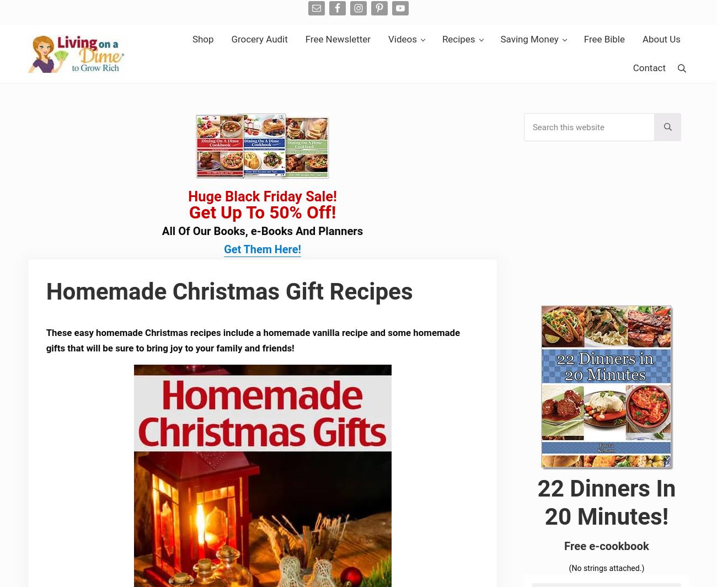  What do you see at coordinates (261, 231) in the screenshot?
I see `'All Of Our Books, e-Books And Planners'` at bounding box center [261, 231].